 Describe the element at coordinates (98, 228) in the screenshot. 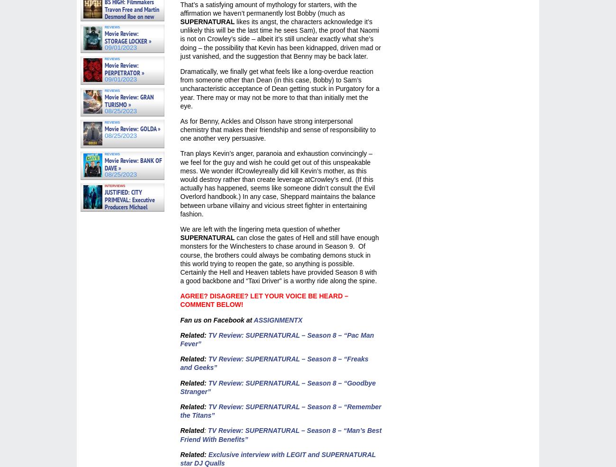

I see `'08/22/2023'` at that location.